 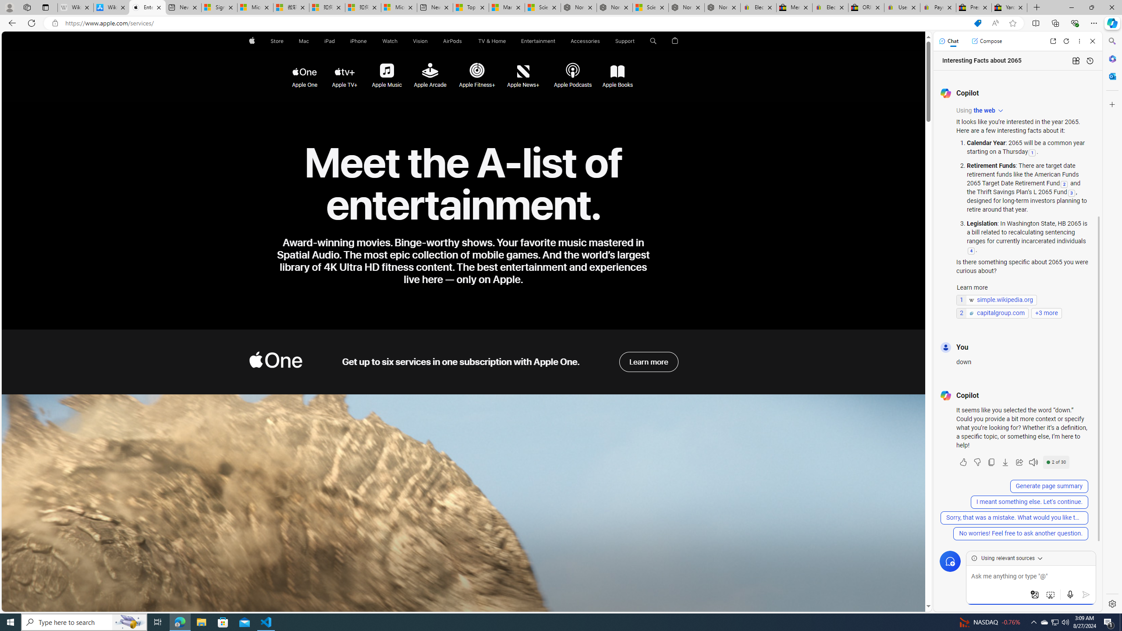 What do you see at coordinates (572, 71) in the screenshot?
I see `'Apple Podcasts'` at bounding box center [572, 71].